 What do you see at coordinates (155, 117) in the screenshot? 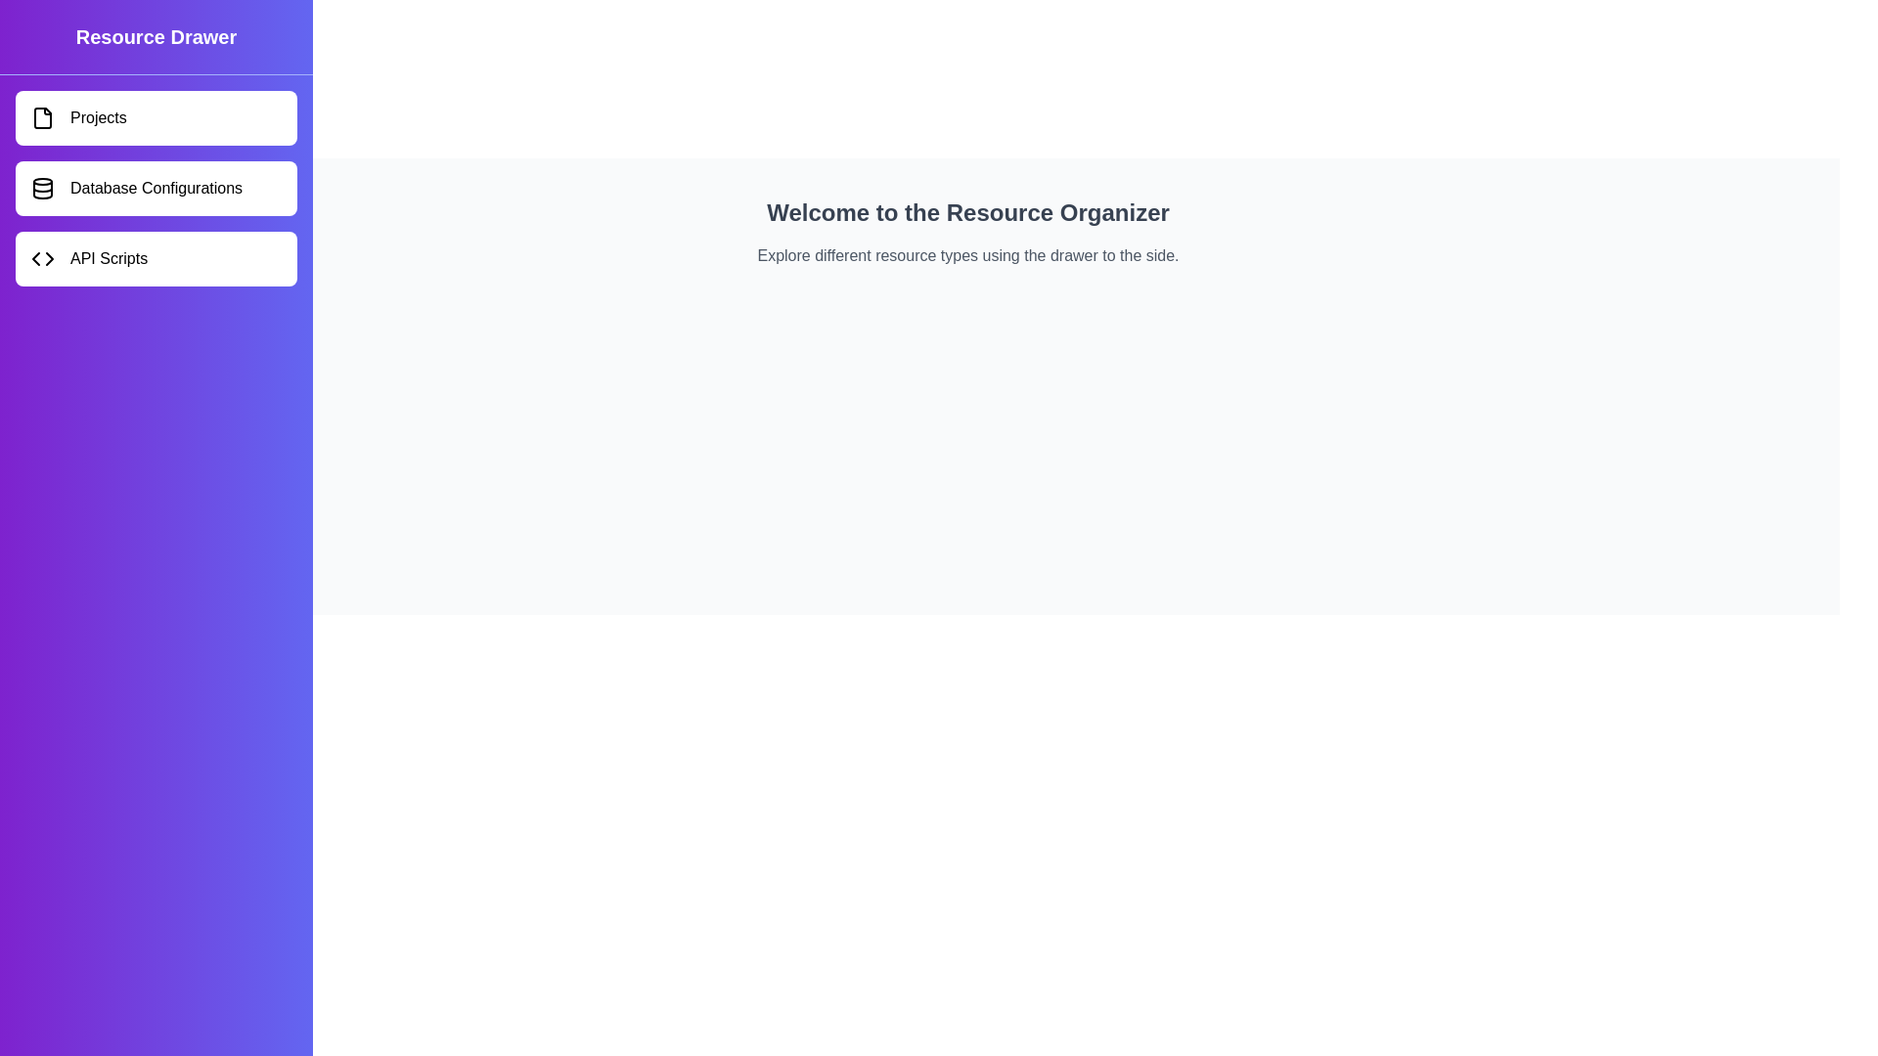
I see `the resource Projects by clicking on its corresponding item in the drawer` at bounding box center [155, 117].